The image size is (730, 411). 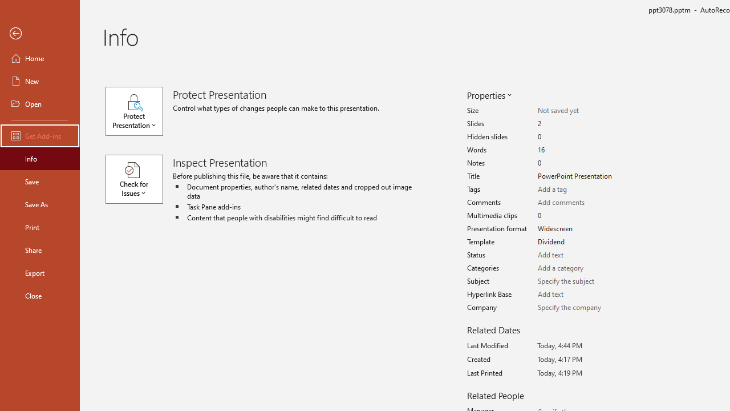 I want to click on 'Notes', so click(x=577, y=163).